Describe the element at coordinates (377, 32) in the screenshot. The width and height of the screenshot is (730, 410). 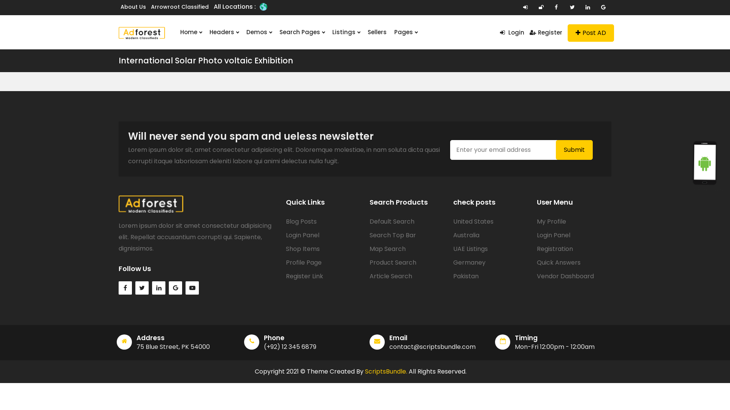
I see `'Sellers'` at that location.